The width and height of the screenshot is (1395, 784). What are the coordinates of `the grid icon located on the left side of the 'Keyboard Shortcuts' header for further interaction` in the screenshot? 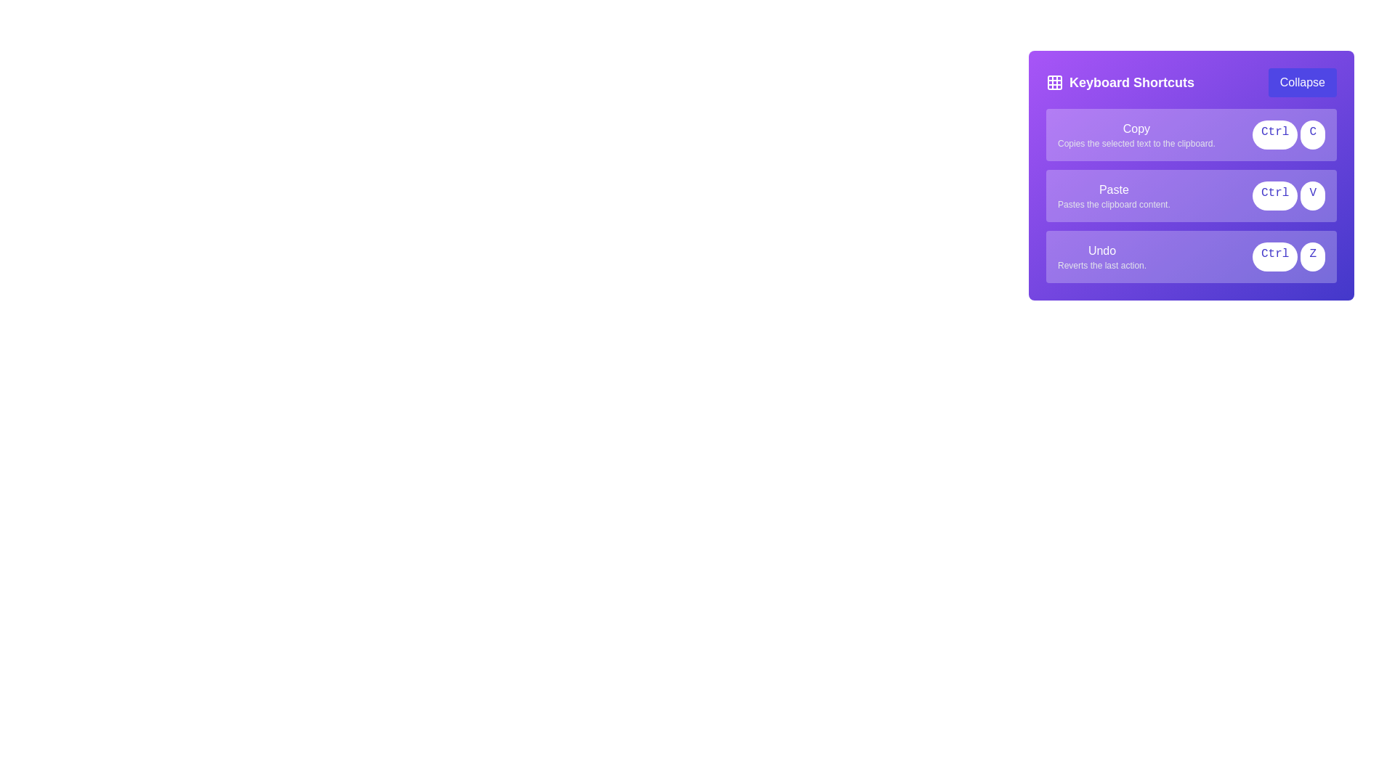 It's located at (1054, 83).